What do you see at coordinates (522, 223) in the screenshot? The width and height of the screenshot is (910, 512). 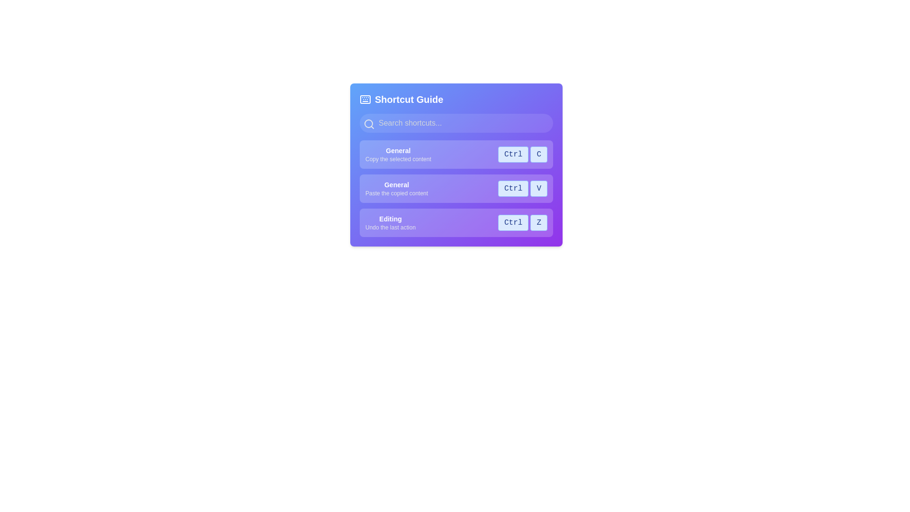 I see `text 'Ctrl' and 'Z' from the Keyboard Shortcut Display located in the bottom entry of the 'Shortcut Guide' panel, which is under the 'Editing' section` at bounding box center [522, 223].